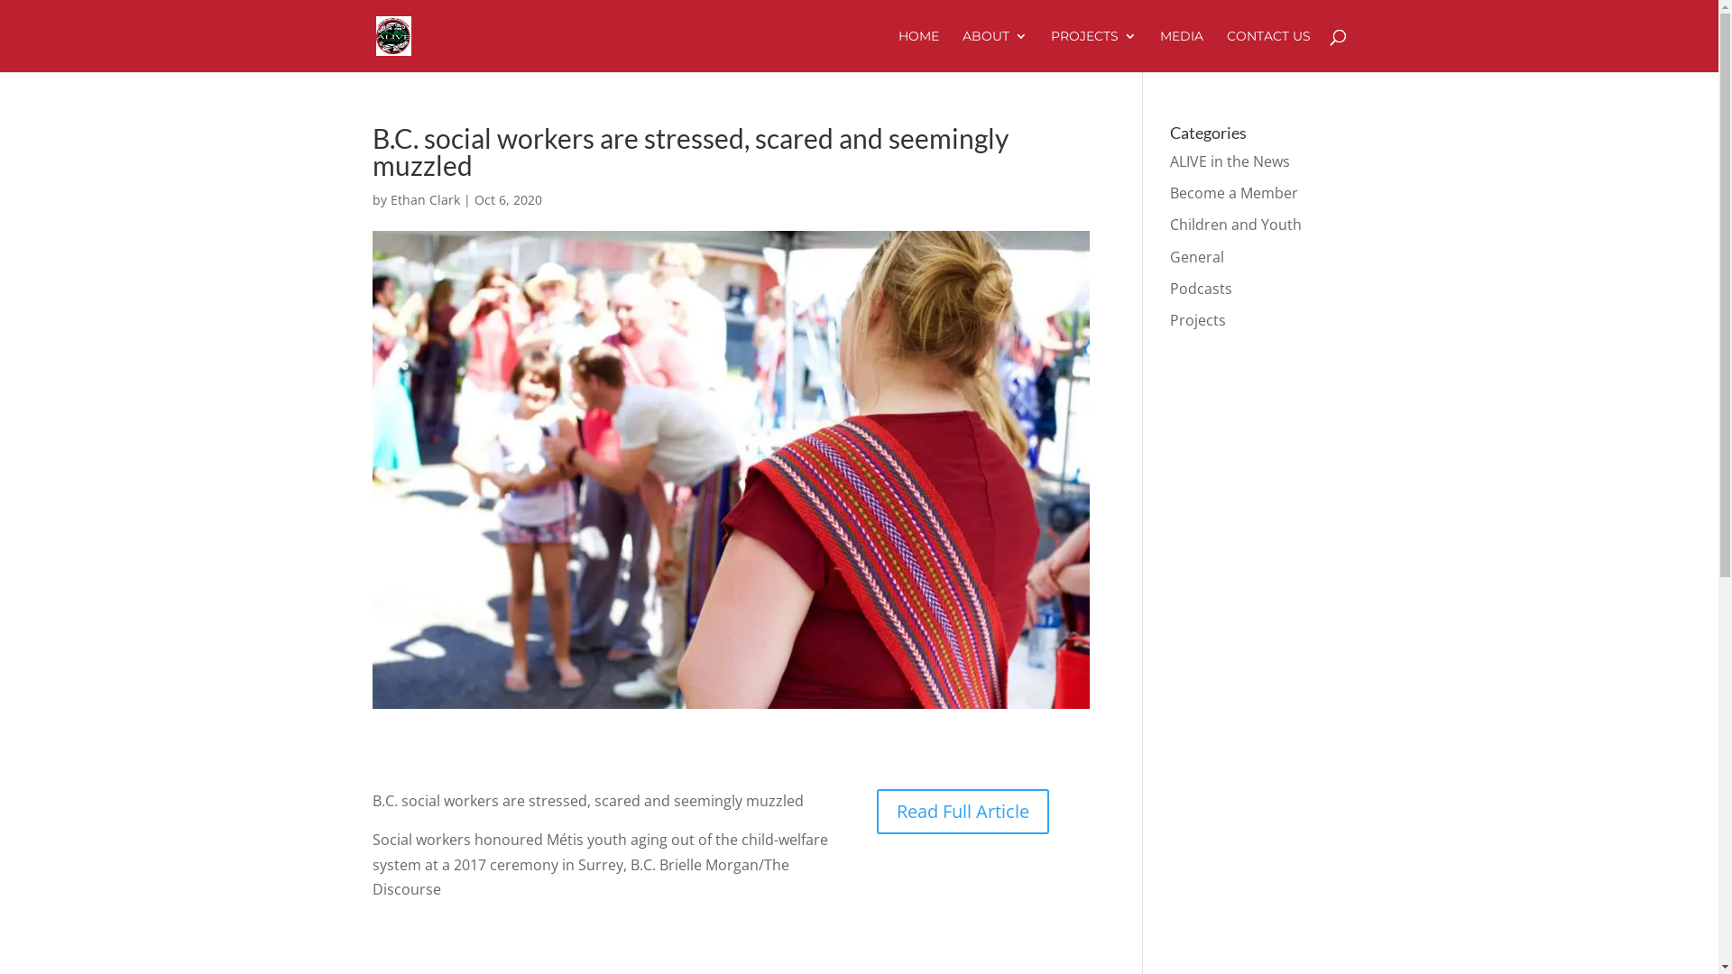 Image resolution: width=1732 pixels, height=974 pixels. I want to click on 'Ethan Clark', so click(423, 199).